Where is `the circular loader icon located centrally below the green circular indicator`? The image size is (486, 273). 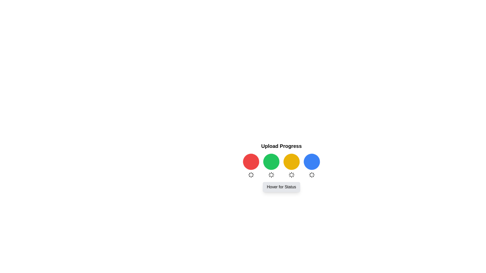 the circular loader icon located centrally below the green circular indicator is located at coordinates (271, 174).